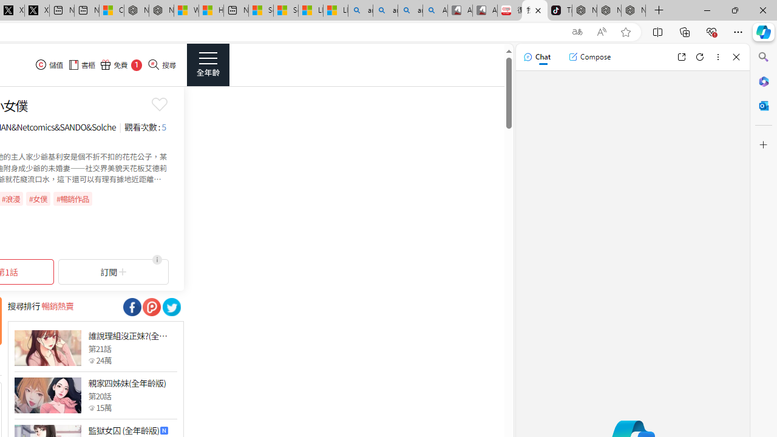  I want to click on 'Chat', so click(536, 56).